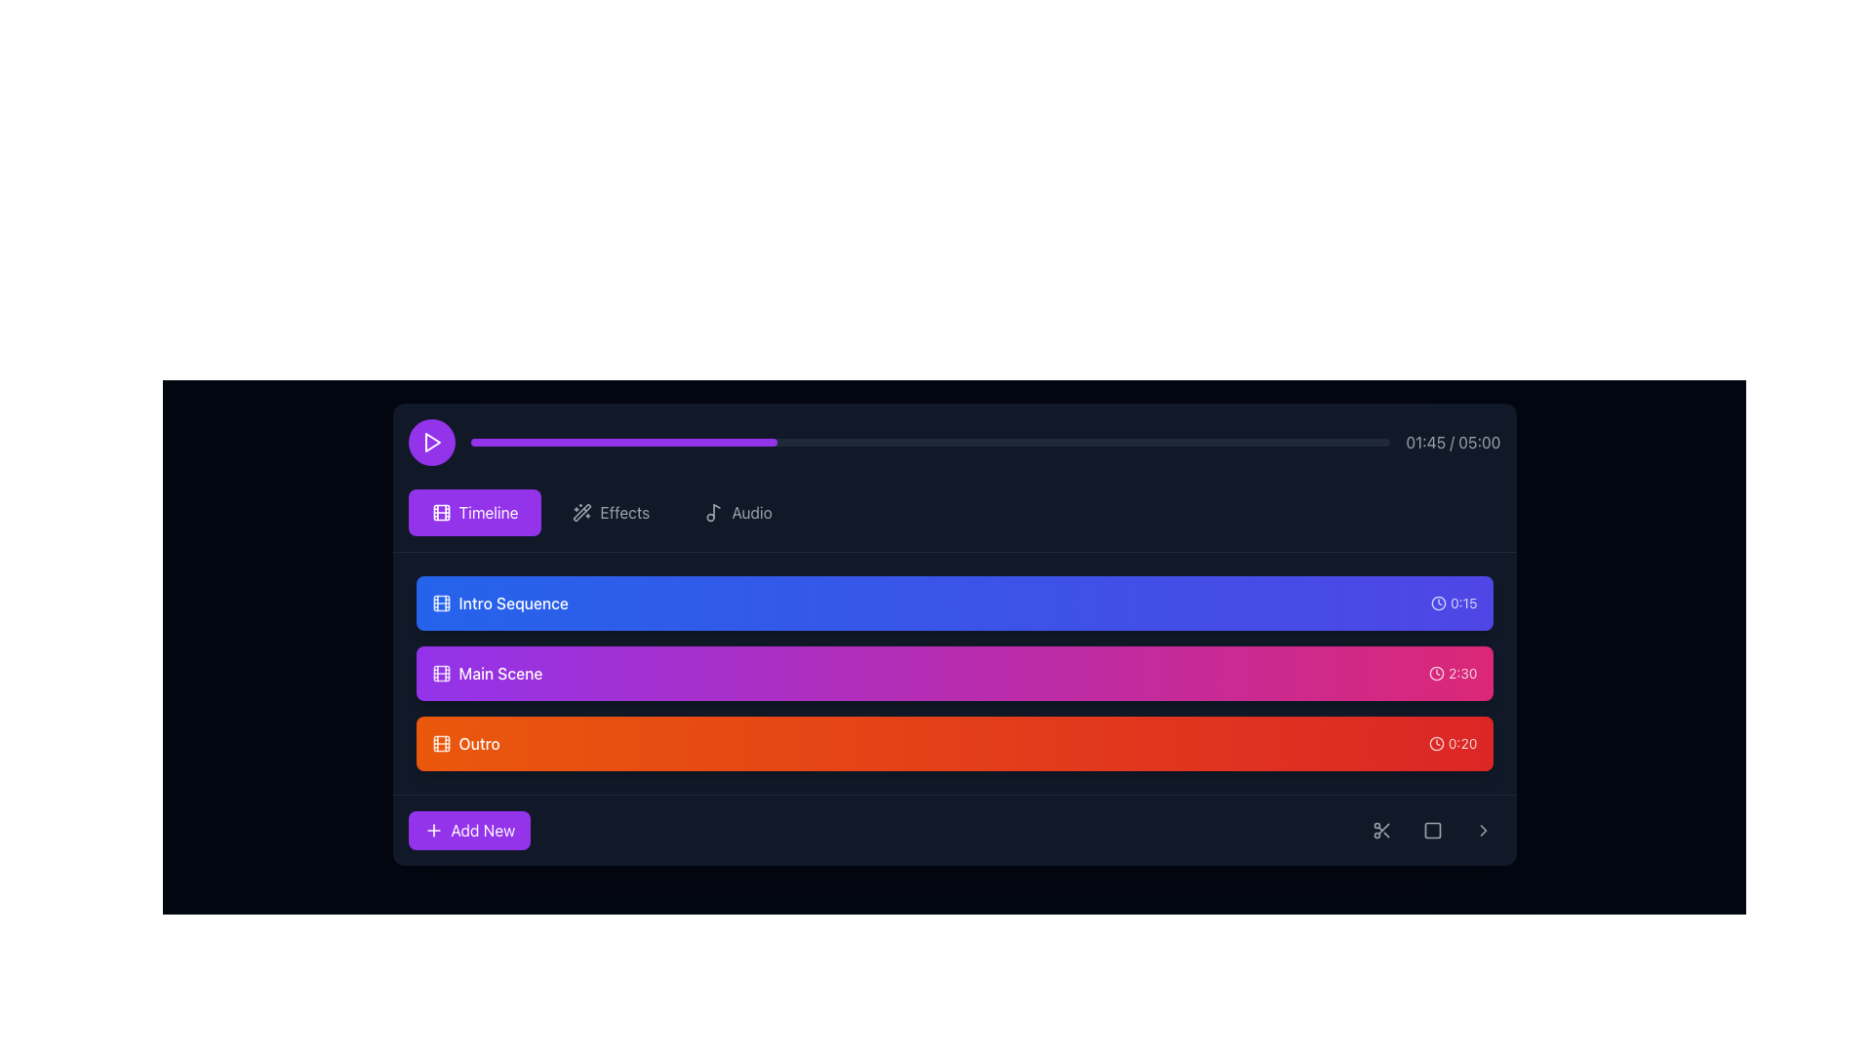 This screenshot has width=1873, height=1053. What do you see at coordinates (581, 511) in the screenshot?
I see `the wand icon with sparkles located in the top-left corner of the interface for accessibility purposes` at bounding box center [581, 511].